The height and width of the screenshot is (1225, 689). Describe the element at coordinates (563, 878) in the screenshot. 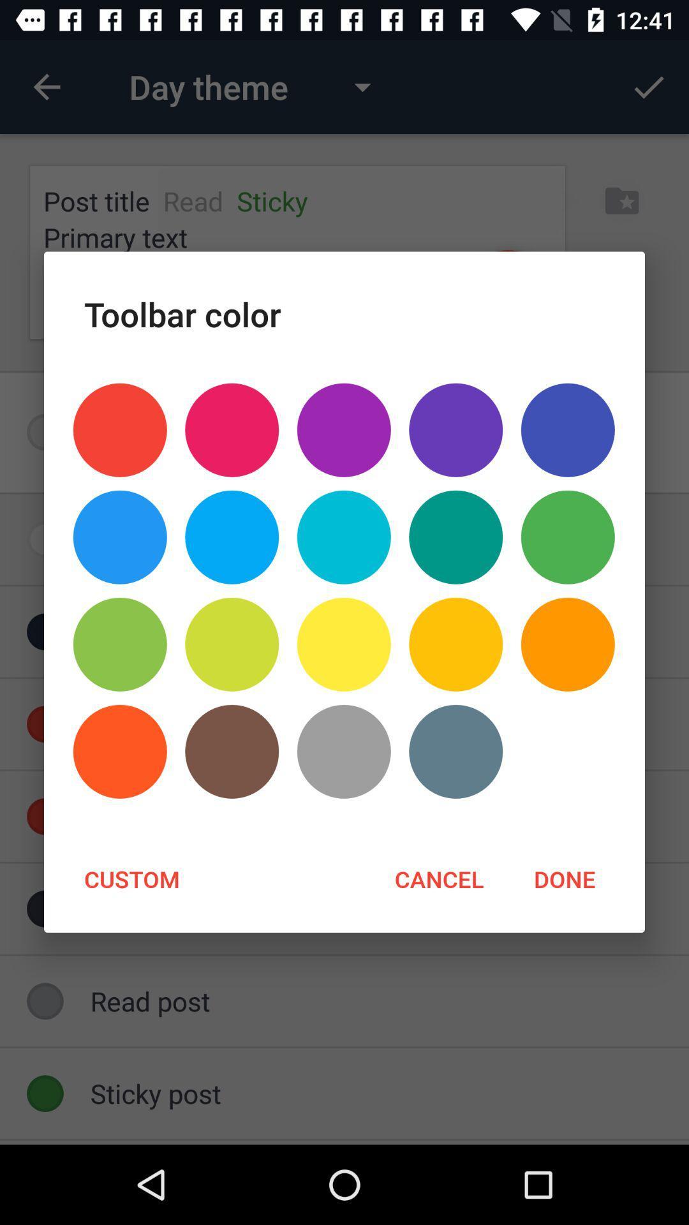

I see `the item next to cancel` at that location.